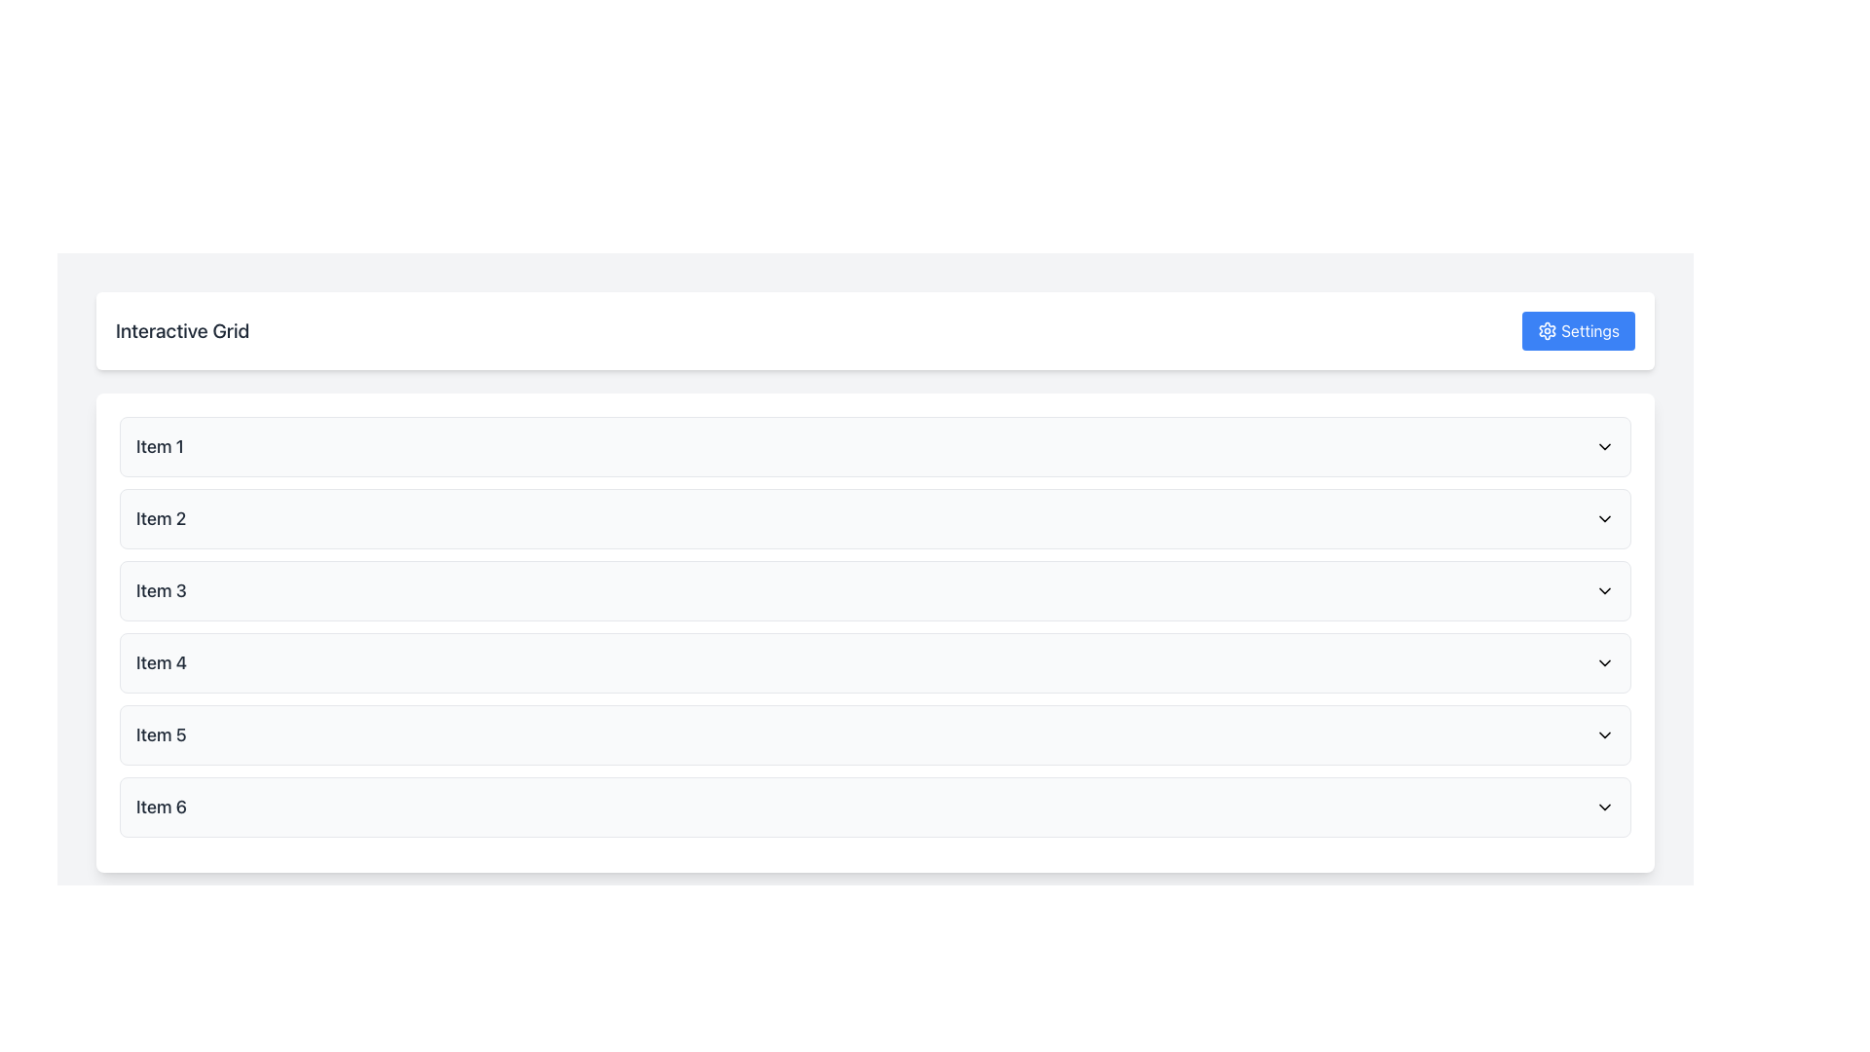 This screenshot has height=1052, width=1870. I want to click on the header for the fourth item in the 'Interactive Grid' list, which provides an overview for related sub-content or actions, so click(162, 662).